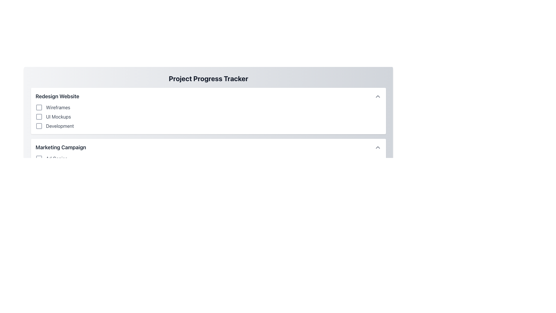  Describe the element at coordinates (39, 117) in the screenshot. I see `the checkbox for the task 'UI Mockups'` at that location.